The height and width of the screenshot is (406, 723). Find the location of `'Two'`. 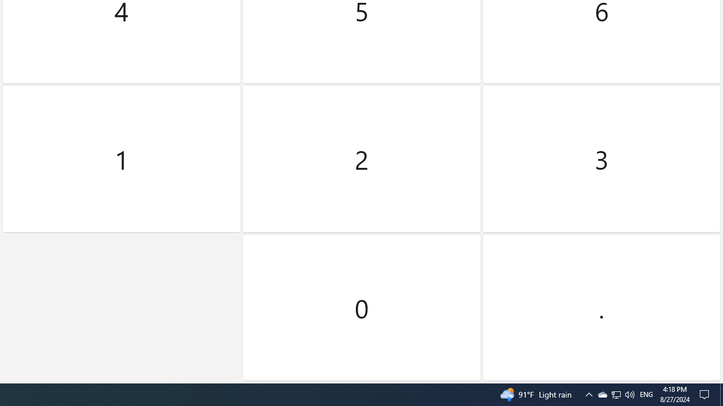

'Two' is located at coordinates (361, 159).